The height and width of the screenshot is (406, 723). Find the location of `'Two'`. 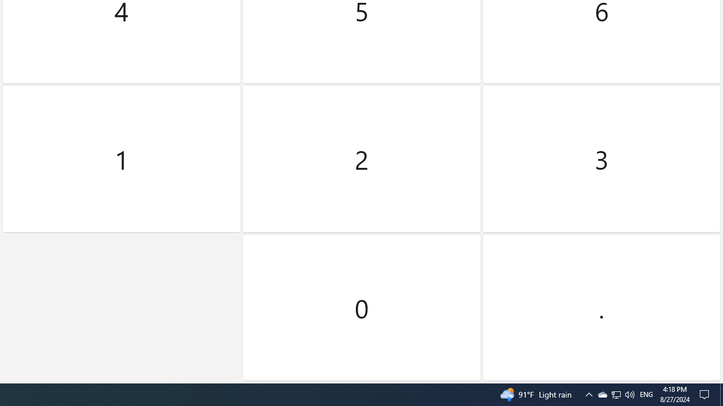

'Two' is located at coordinates (361, 159).